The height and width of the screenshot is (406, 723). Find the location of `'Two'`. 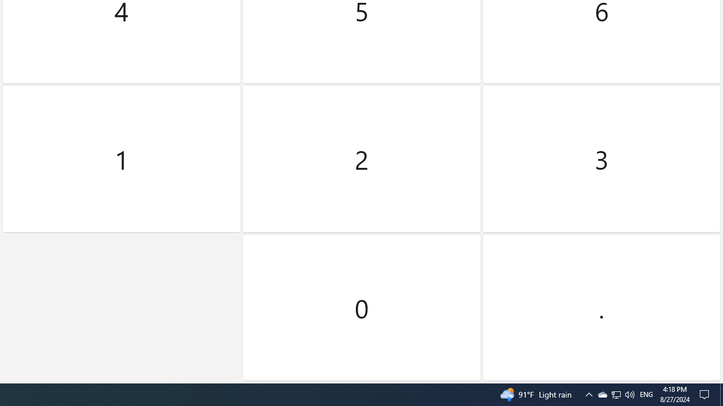

'Two' is located at coordinates (361, 159).